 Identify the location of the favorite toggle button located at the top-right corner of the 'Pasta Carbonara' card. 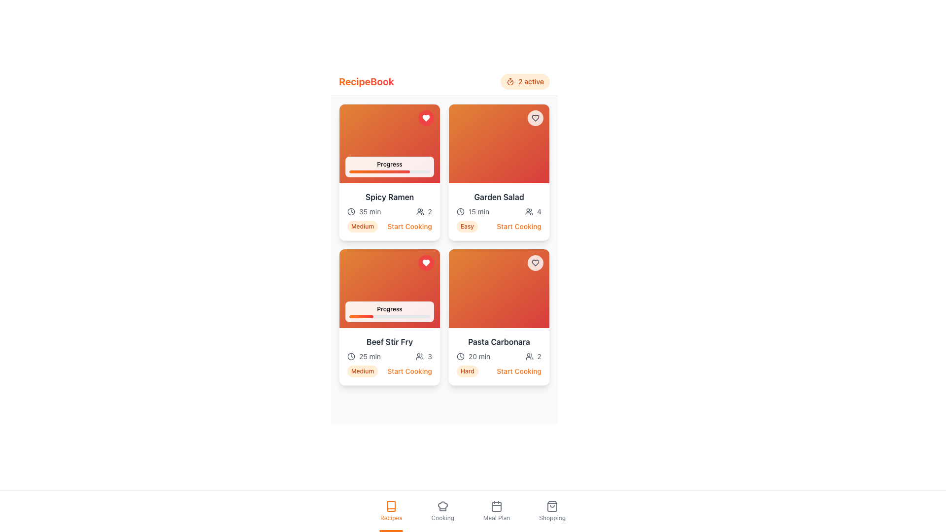
(535, 262).